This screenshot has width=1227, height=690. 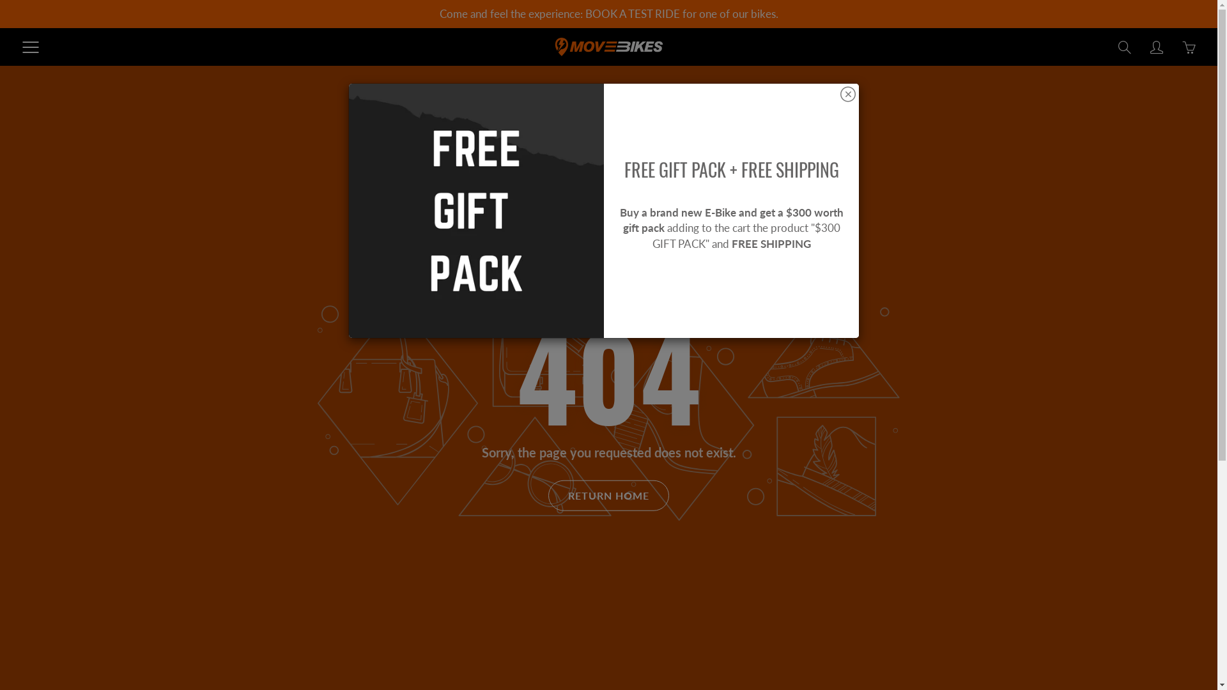 What do you see at coordinates (30, 46) in the screenshot?
I see `'Press space bar to toggle menu'` at bounding box center [30, 46].